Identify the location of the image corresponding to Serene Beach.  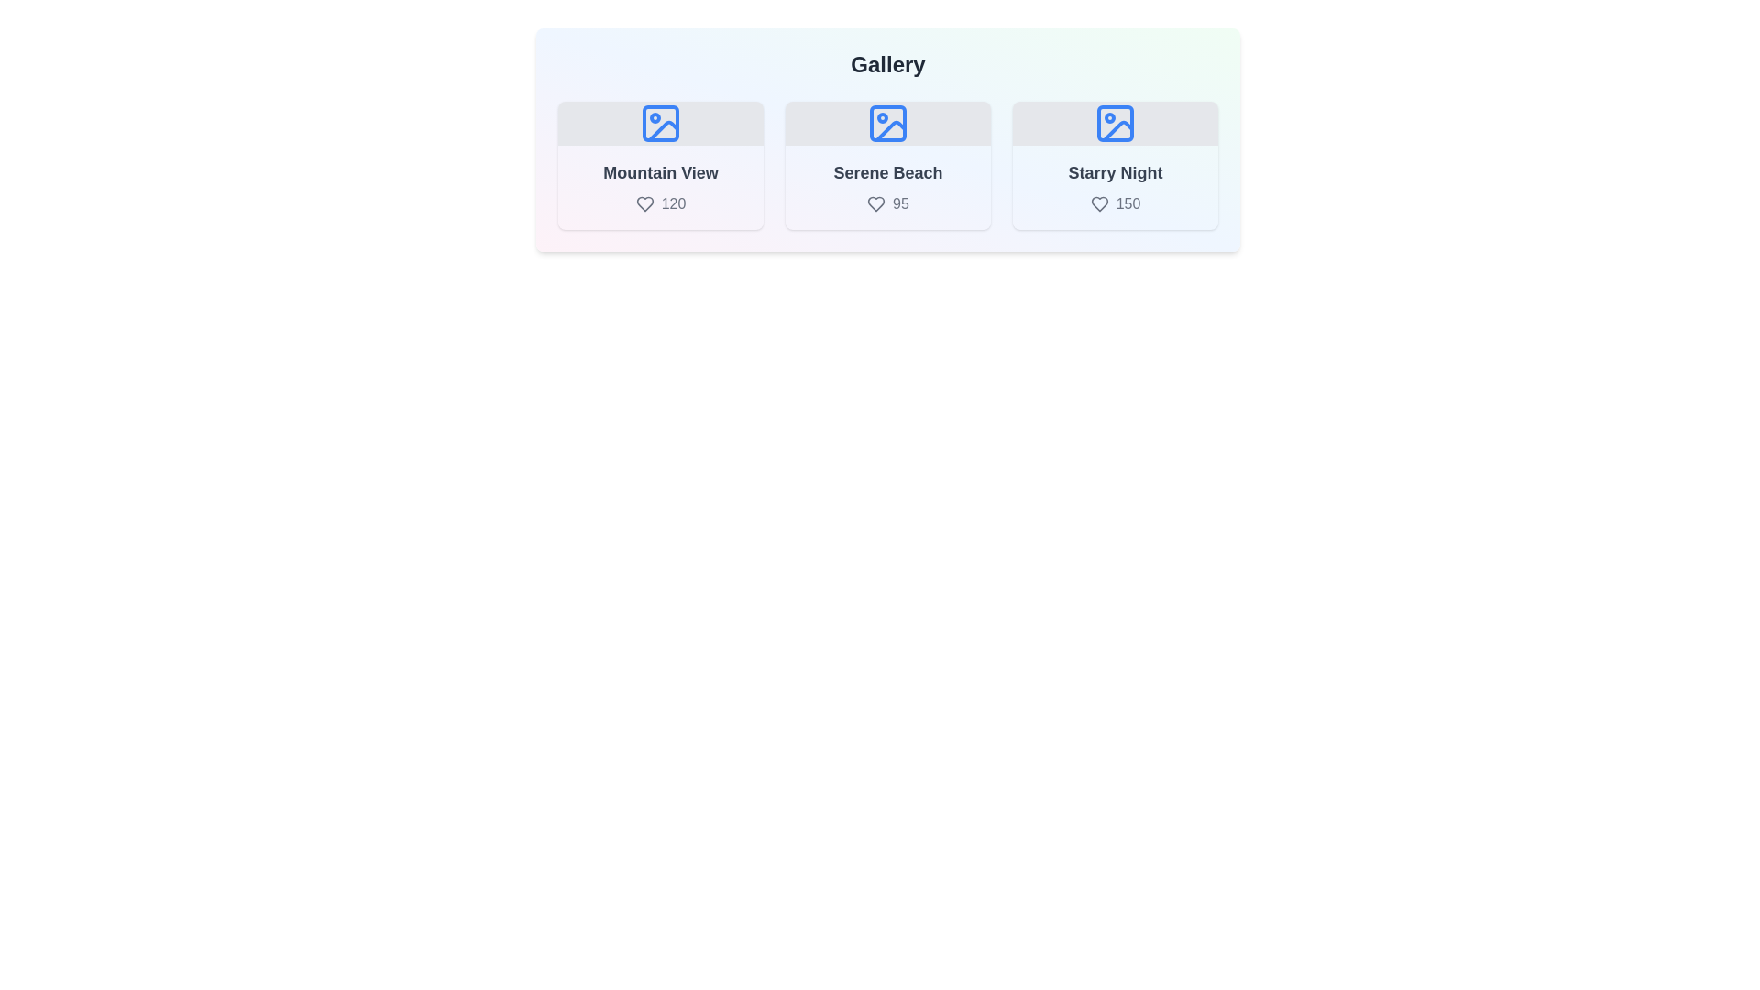
(888, 166).